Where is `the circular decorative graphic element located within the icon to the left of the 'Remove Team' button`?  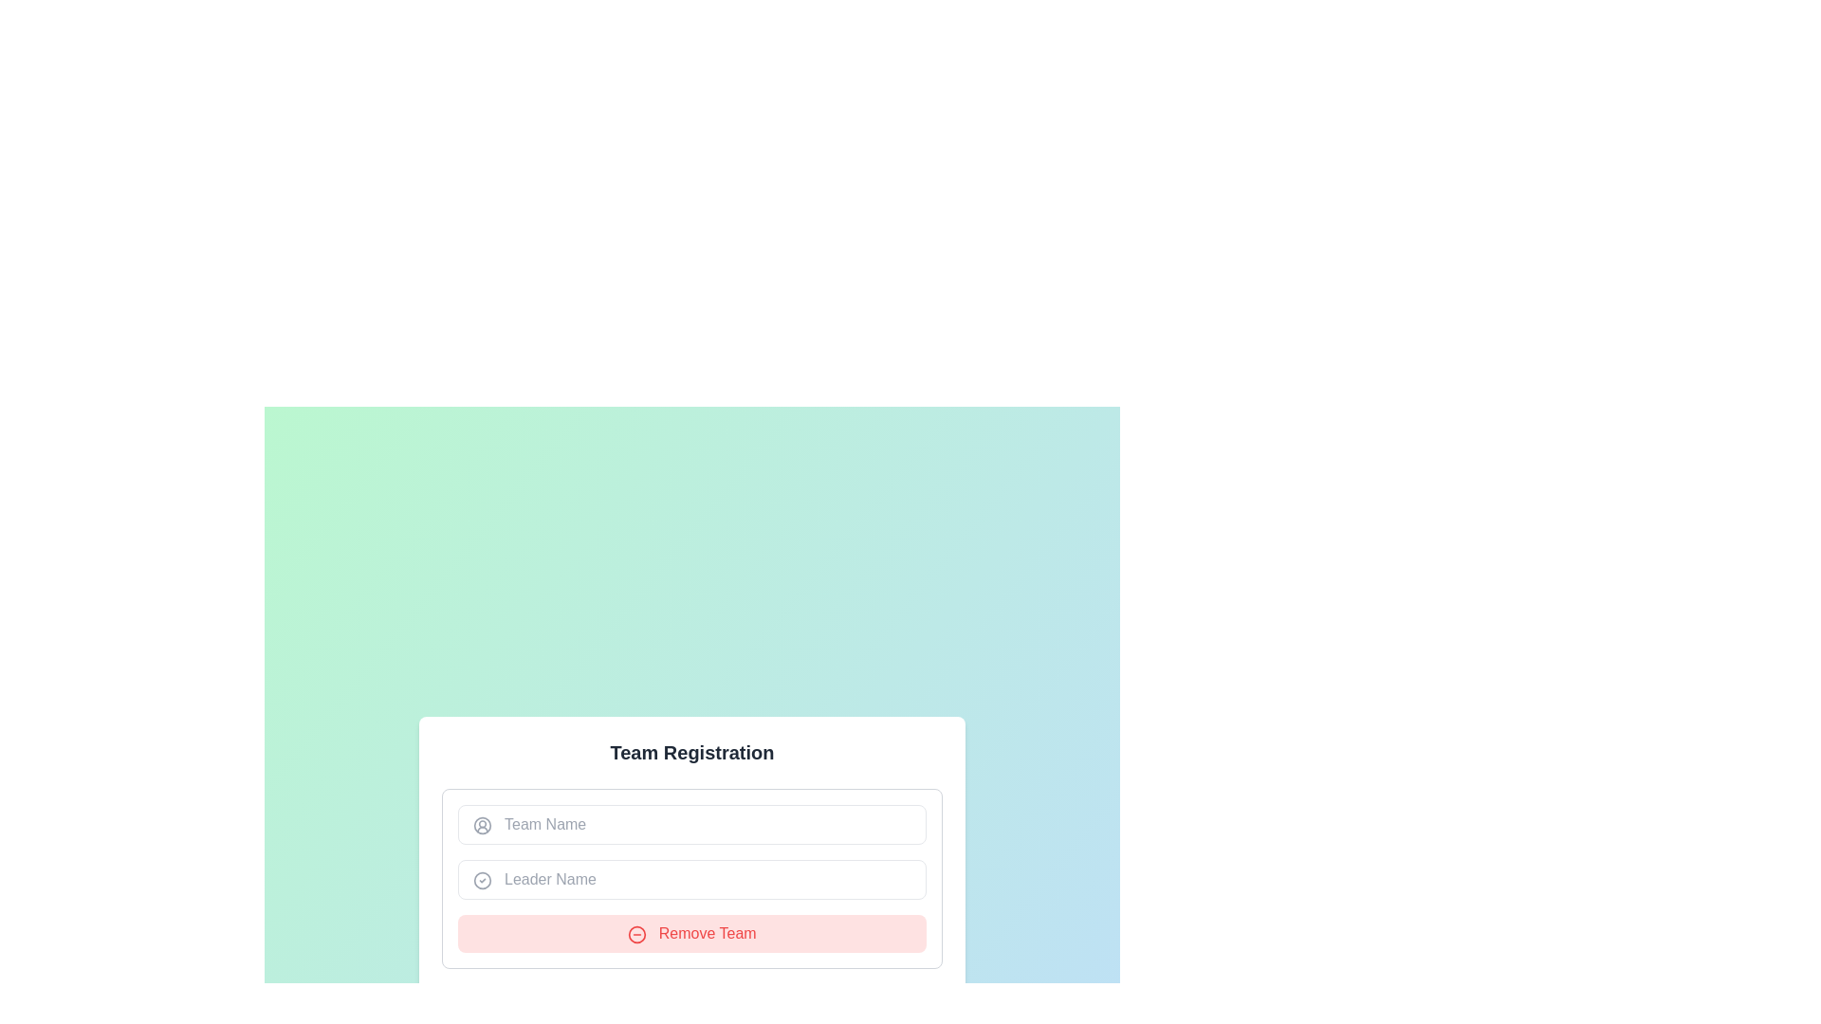 the circular decorative graphic element located within the icon to the left of the 'Remove Team' button is located at coordinates (637, 933).